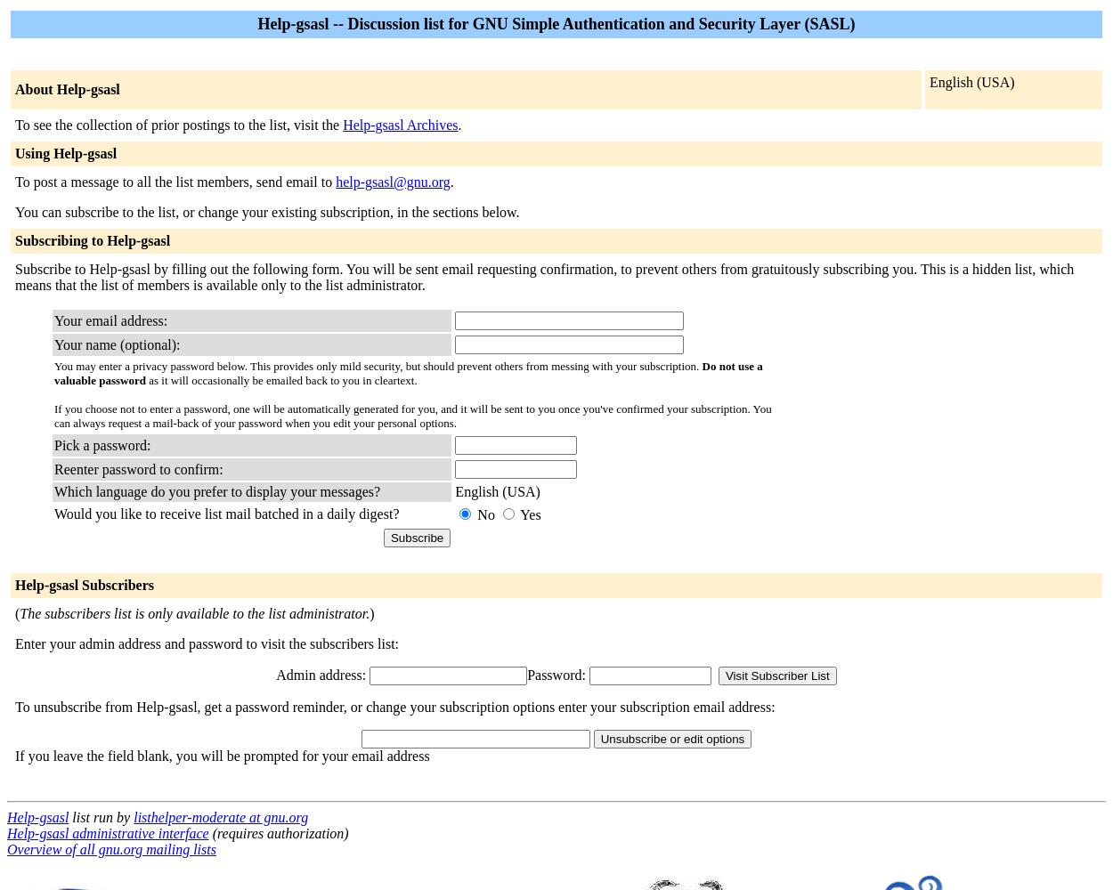 This screenshot has height=890, width=1113. I want to click on 'help-gsasl@gnu.org', so click(392, 181).